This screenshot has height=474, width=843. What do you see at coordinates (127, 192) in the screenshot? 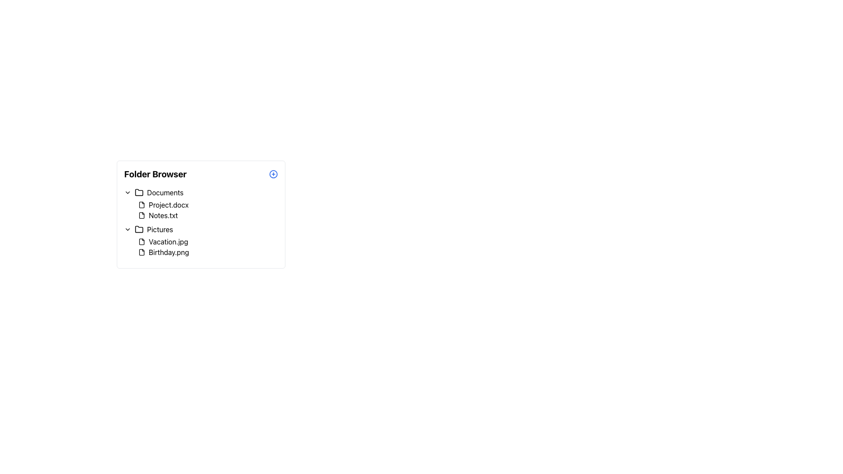
I see `the downward chevron SVG icon` at bounding box center [127, 192].